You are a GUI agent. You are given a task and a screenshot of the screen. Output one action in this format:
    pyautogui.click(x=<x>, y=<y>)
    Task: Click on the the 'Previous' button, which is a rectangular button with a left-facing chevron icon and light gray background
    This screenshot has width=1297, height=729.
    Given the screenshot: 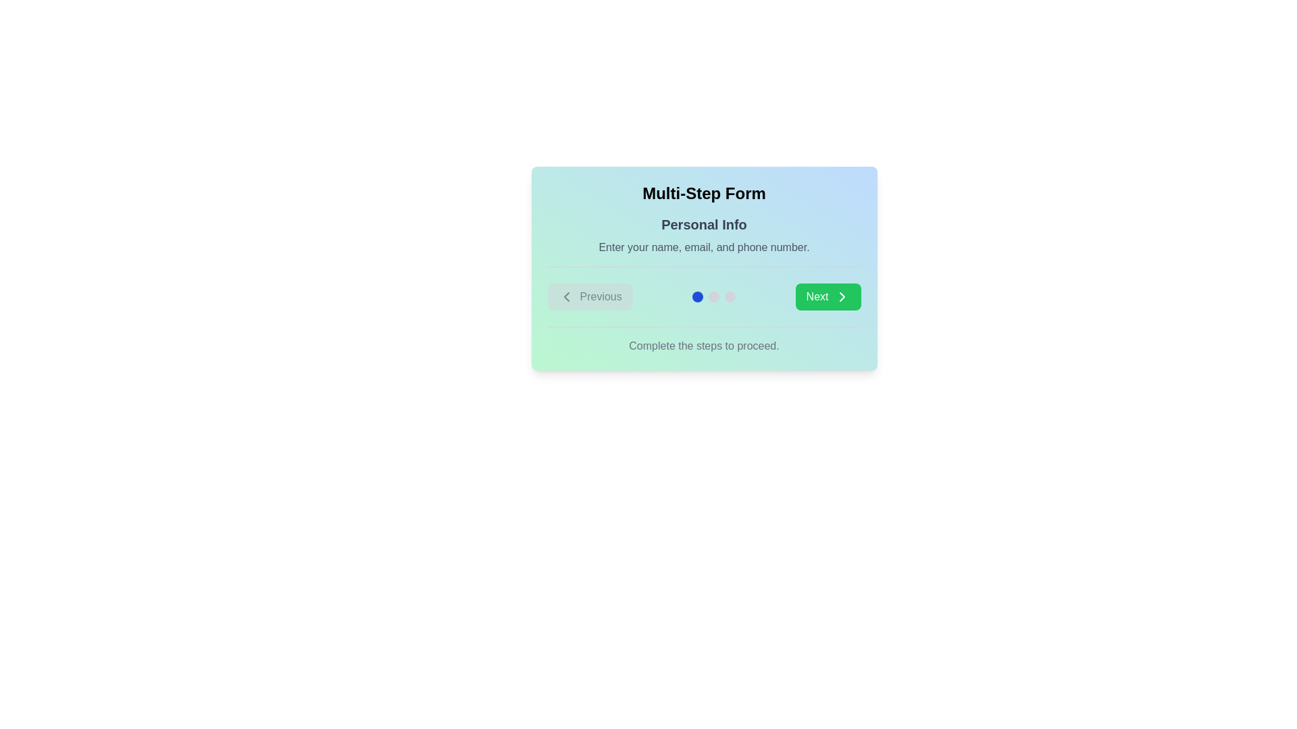 What is the action you would take?
    pyautogui.click(x=590, y=296)
    